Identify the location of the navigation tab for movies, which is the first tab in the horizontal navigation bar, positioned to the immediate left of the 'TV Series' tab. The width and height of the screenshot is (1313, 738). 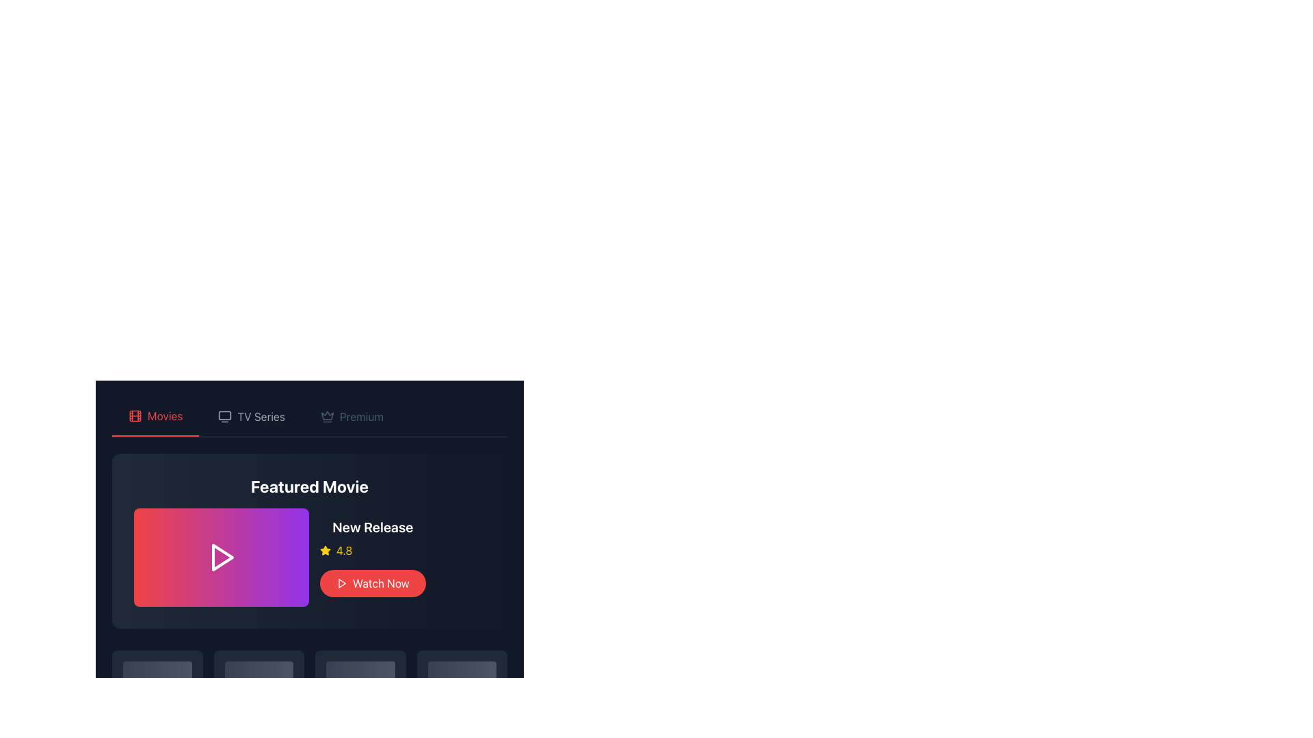
(155, 415).